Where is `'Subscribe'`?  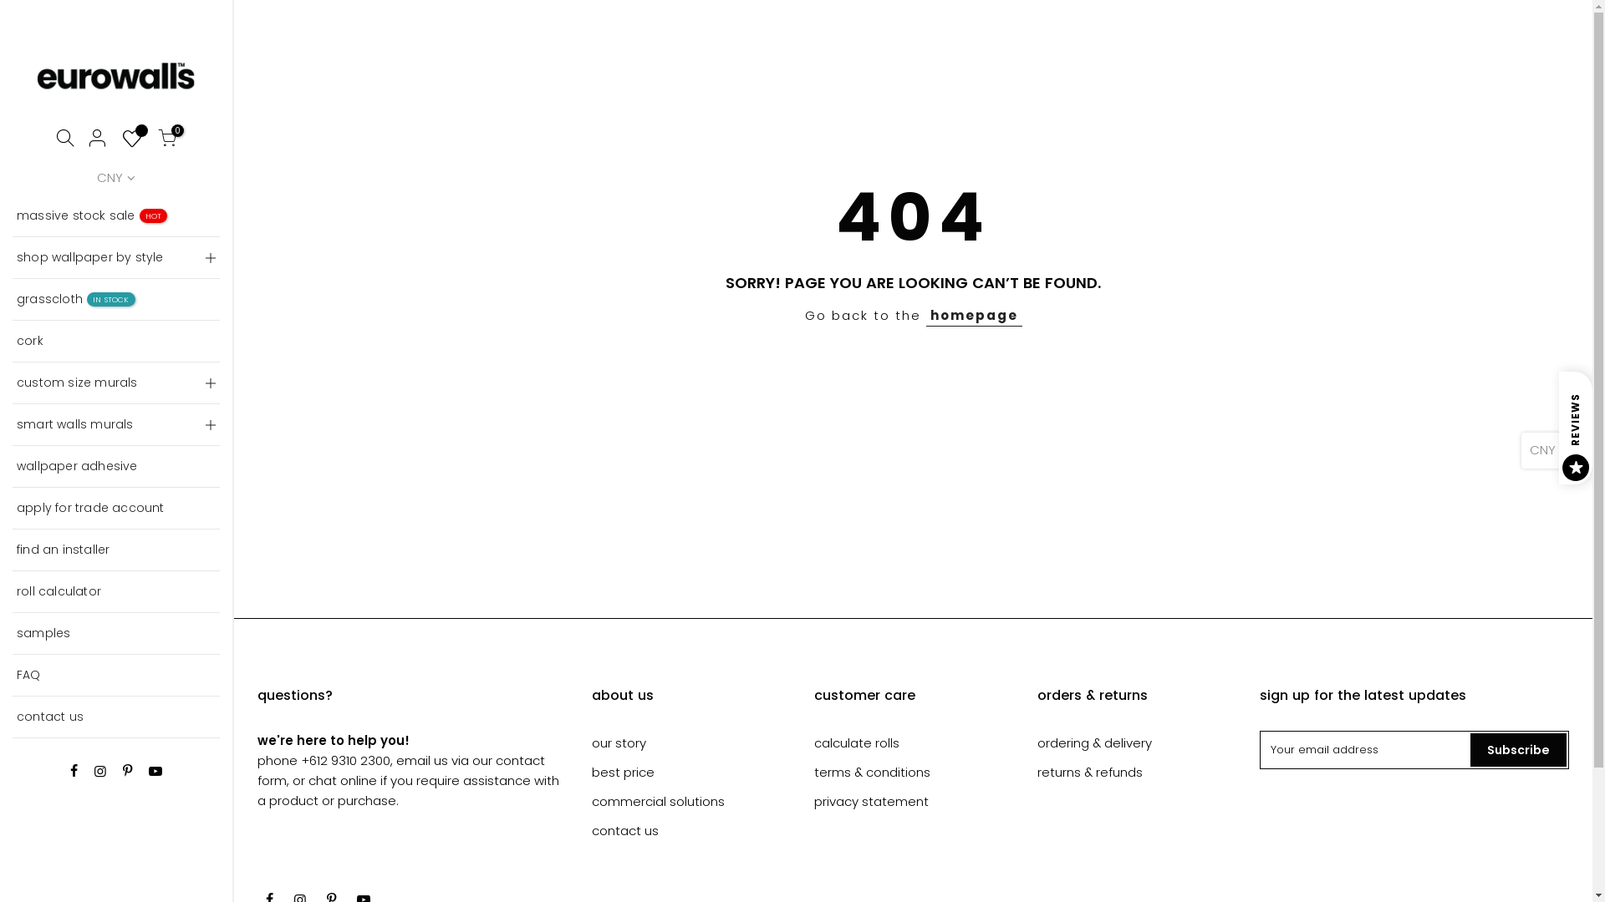 'Subscribe' is located at coordinates (1518, 749).